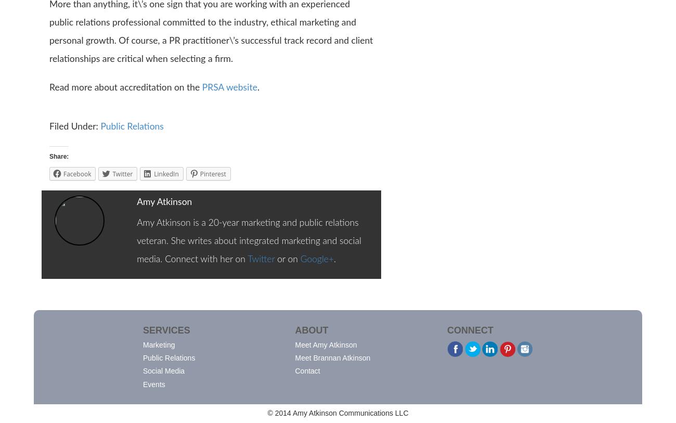 This screenshot has width=676, height=423. I want to click on 'Marketing', so click(142, 344).